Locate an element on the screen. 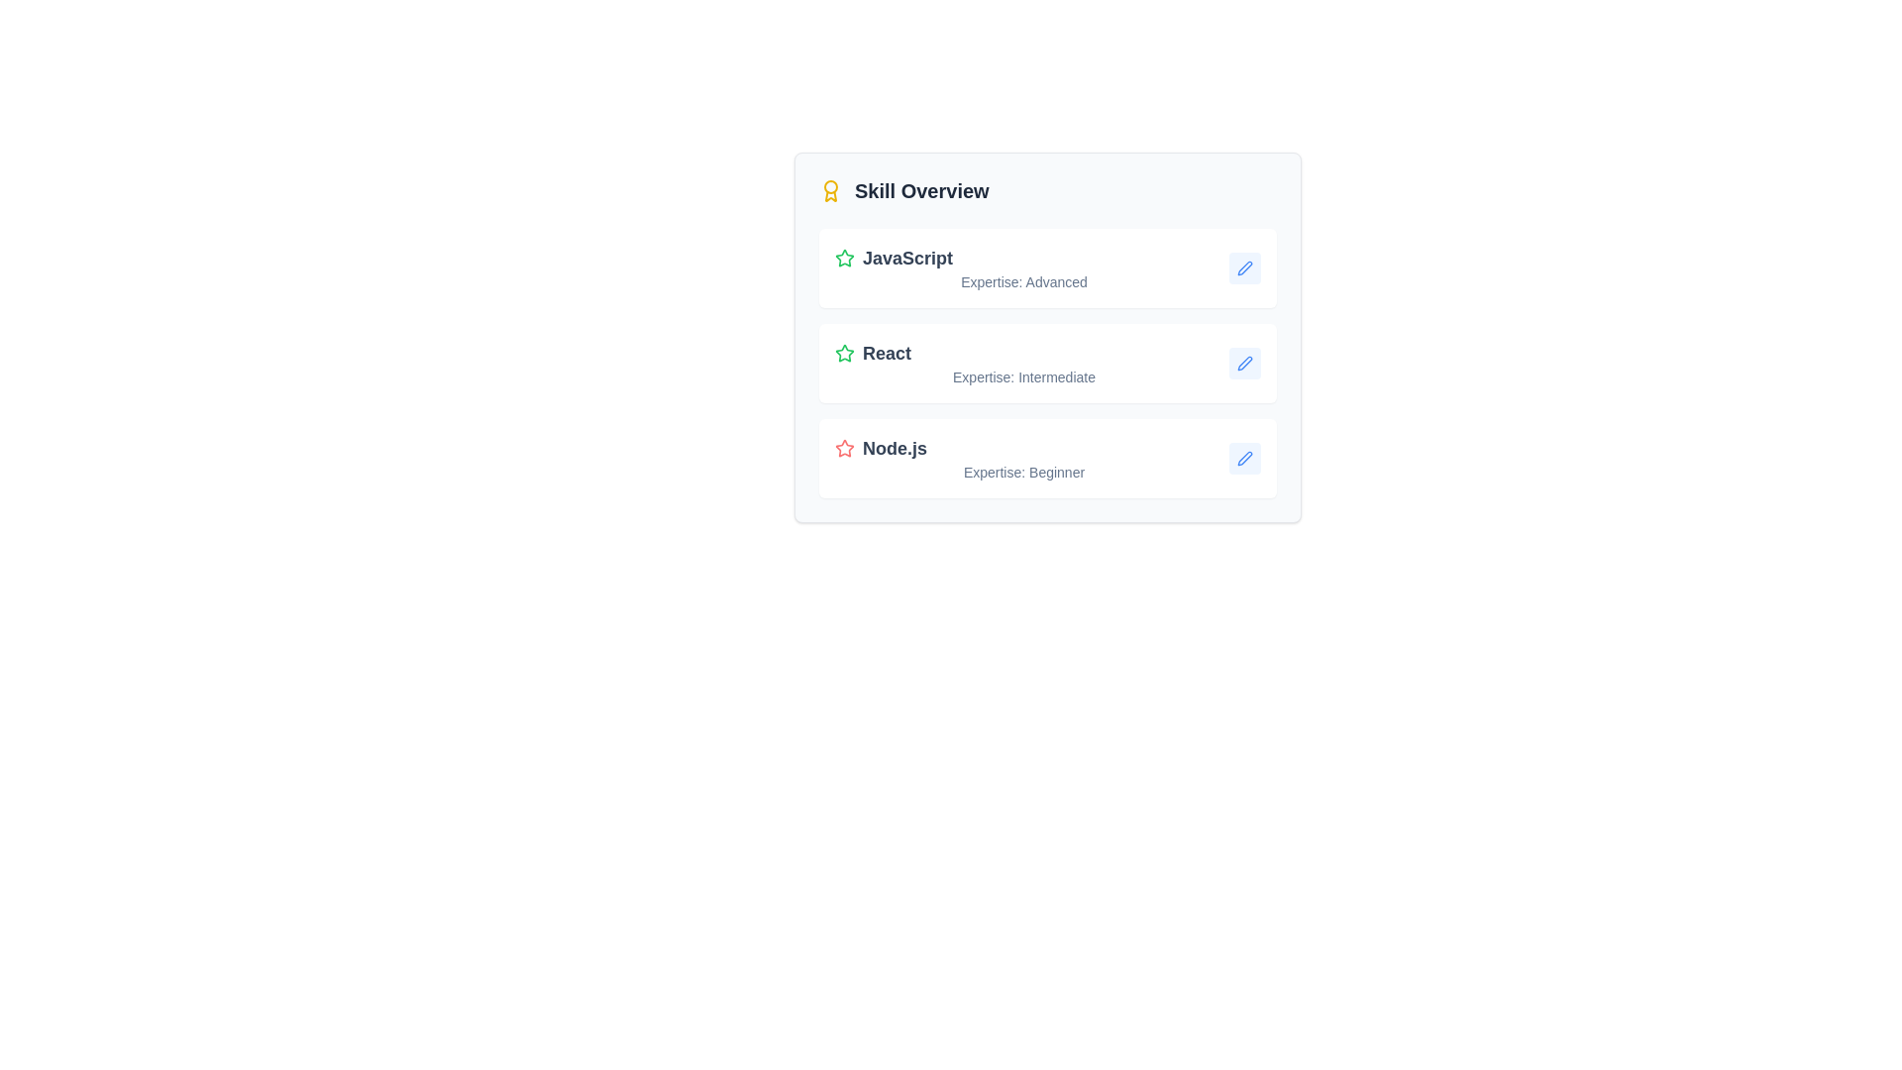 The image size is (1902, 1070). the bold text label 'Node.js' located at the bottom entry of the 'Skill Overview' section for navigation or interaction is located at coordinates (893, 448).